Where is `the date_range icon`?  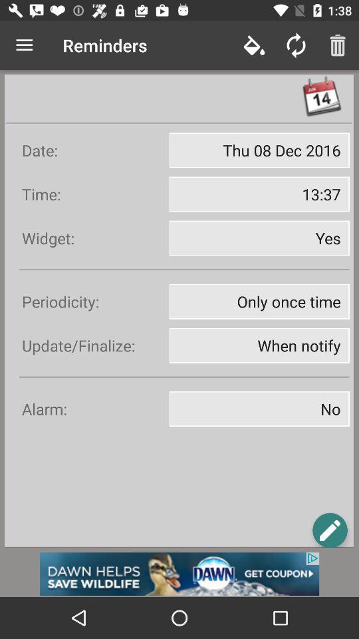
the date_range icon is located at coordinates (321, 96).